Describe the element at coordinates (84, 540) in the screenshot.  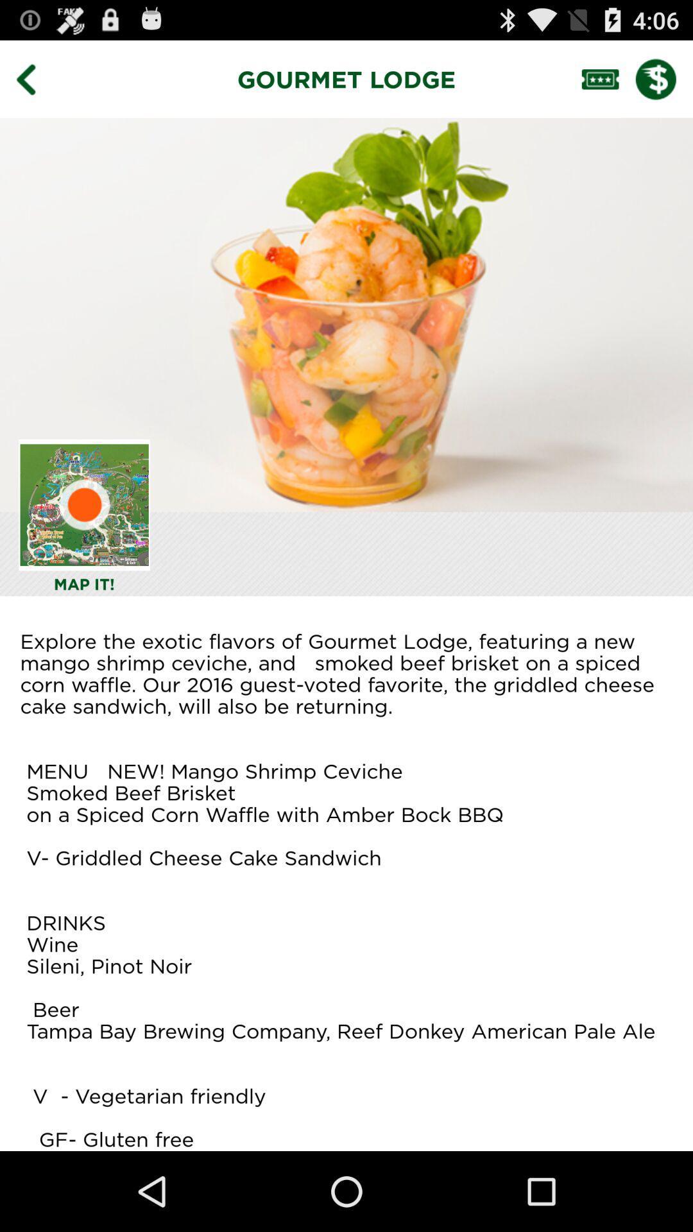
I see `the settings icon` at that location.